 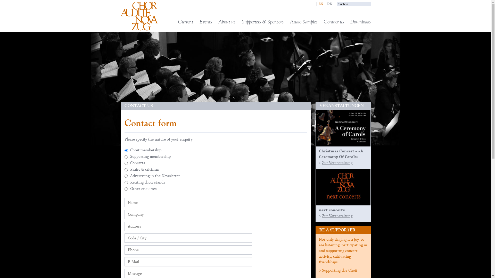 I want to click on 'Supporters & Sponsors', so click(x=262, y=21).